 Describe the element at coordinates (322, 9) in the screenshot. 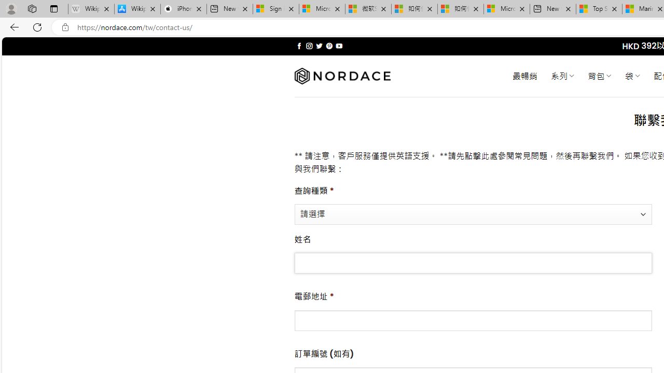

I see `'Microsoft Services Agreement'` at that location.